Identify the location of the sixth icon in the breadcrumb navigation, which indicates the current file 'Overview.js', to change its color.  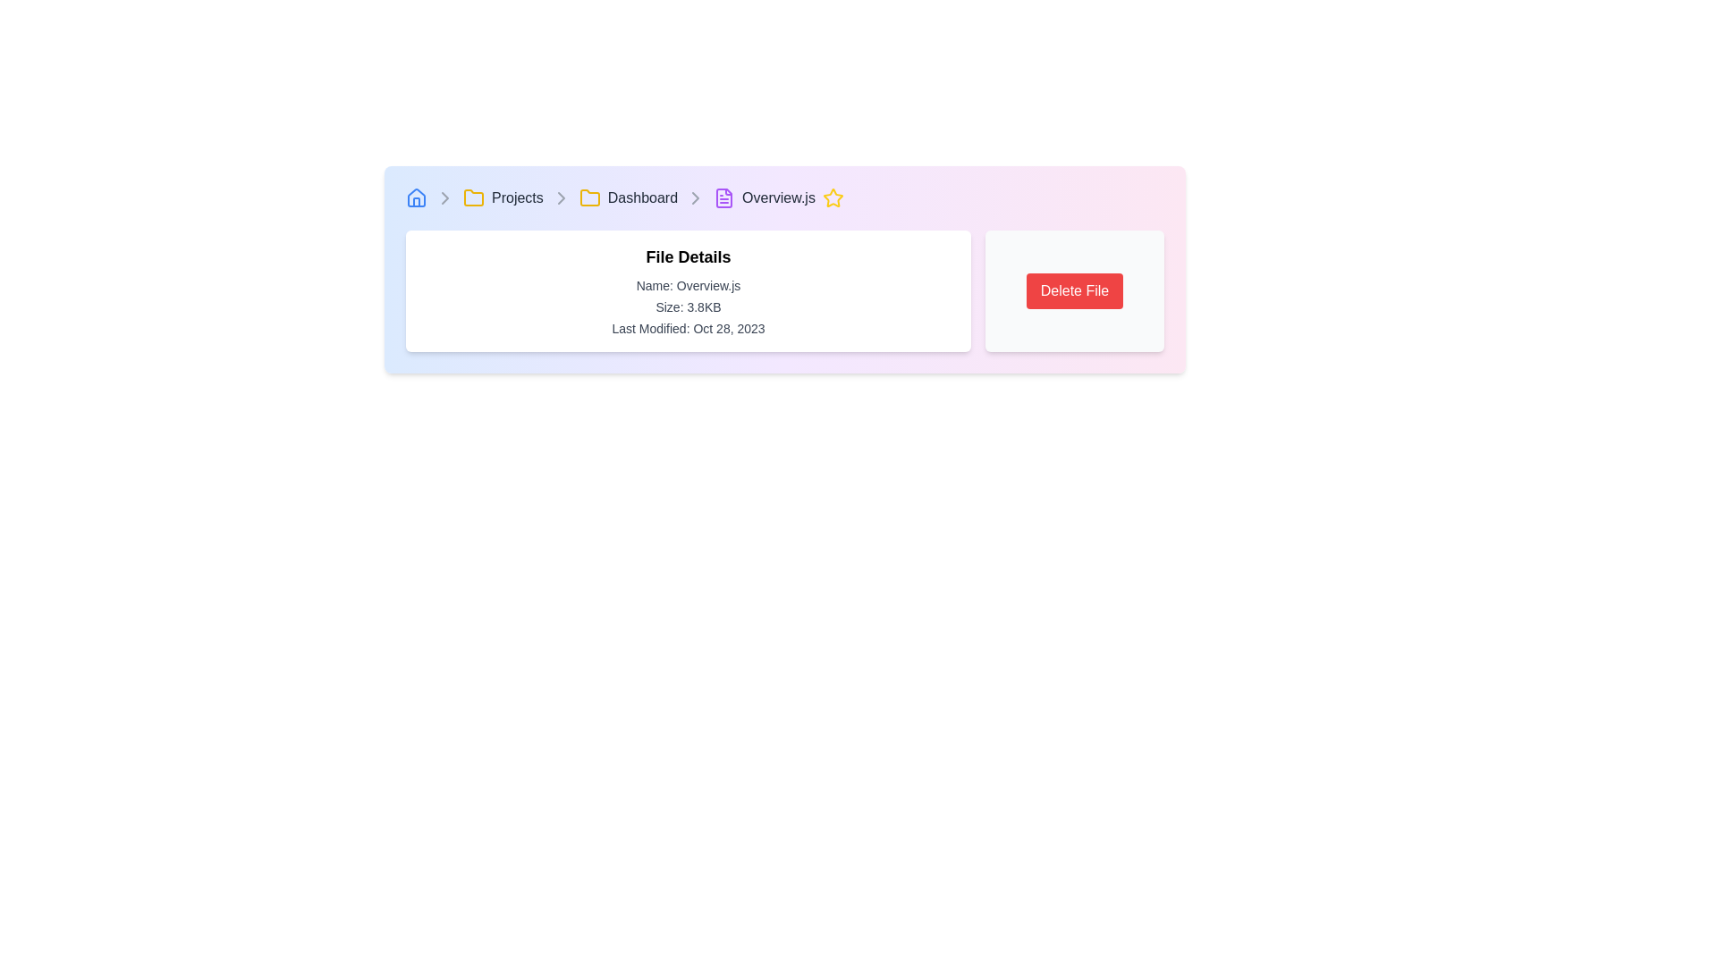
(724, 198).